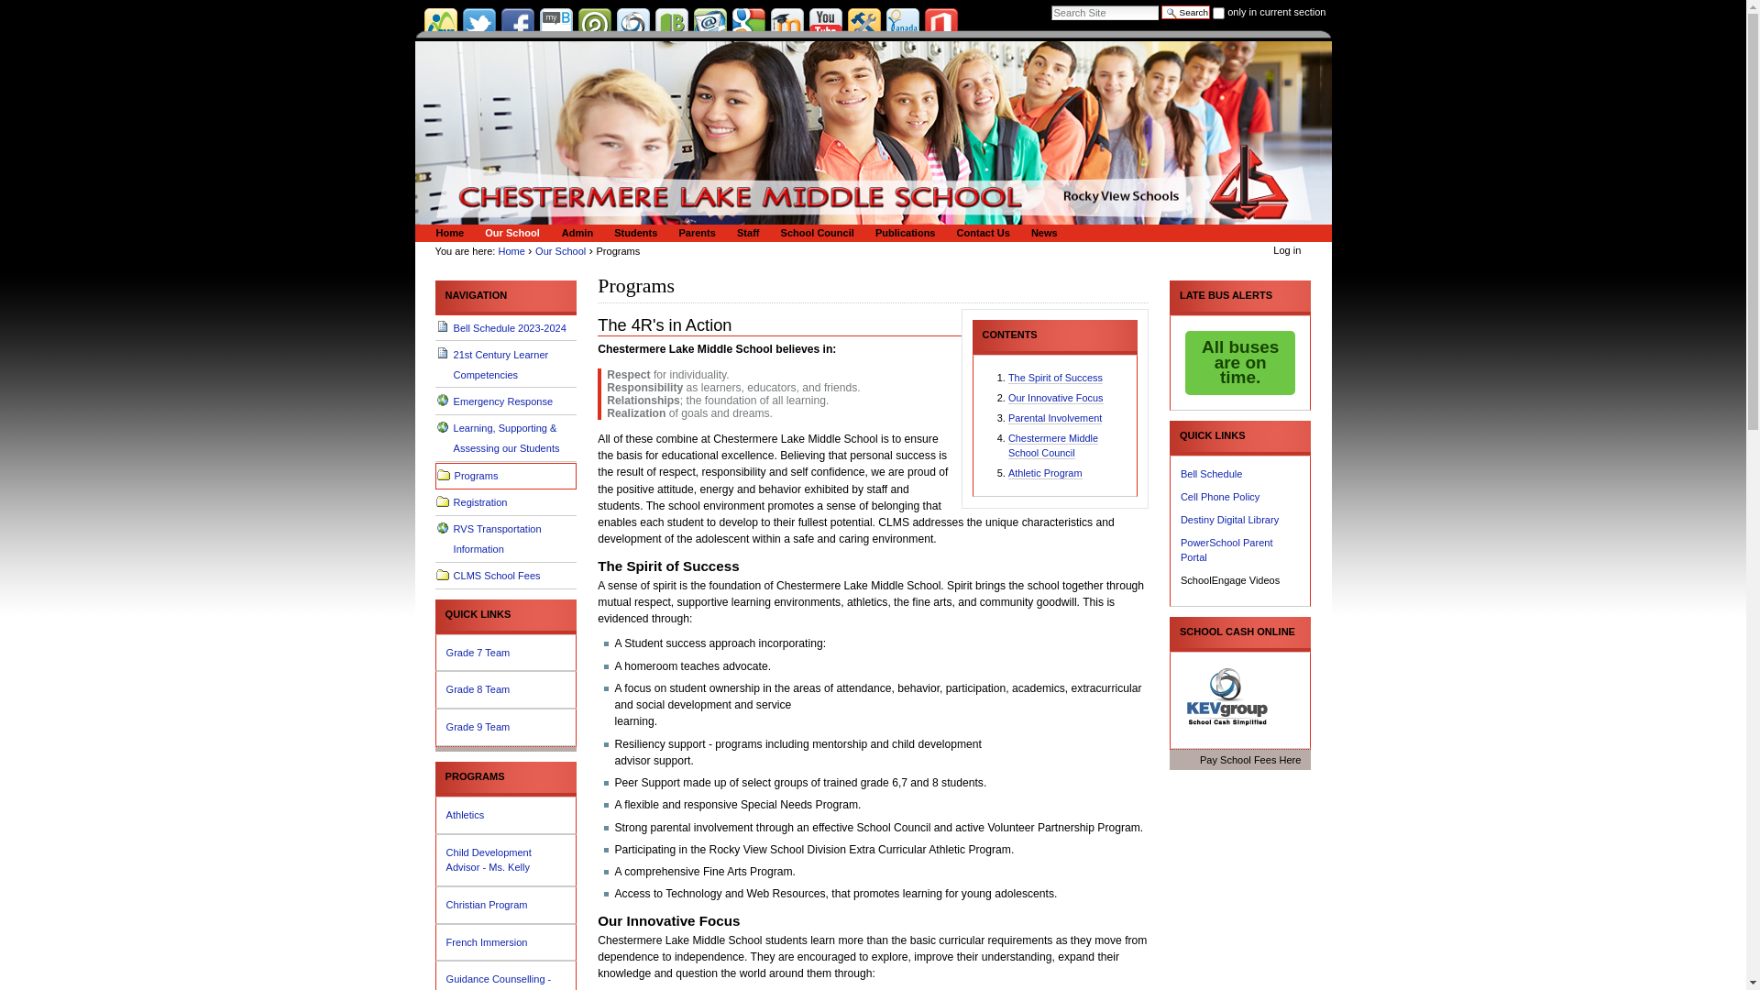  What do you see at coordinates (770, 24) in the screenshot?
I see `'Moodle'` at bounding box center [770, 24].